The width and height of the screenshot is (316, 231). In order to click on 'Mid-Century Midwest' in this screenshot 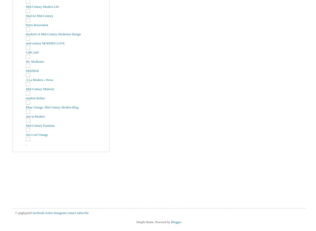, I will do `click(26, 88)`.